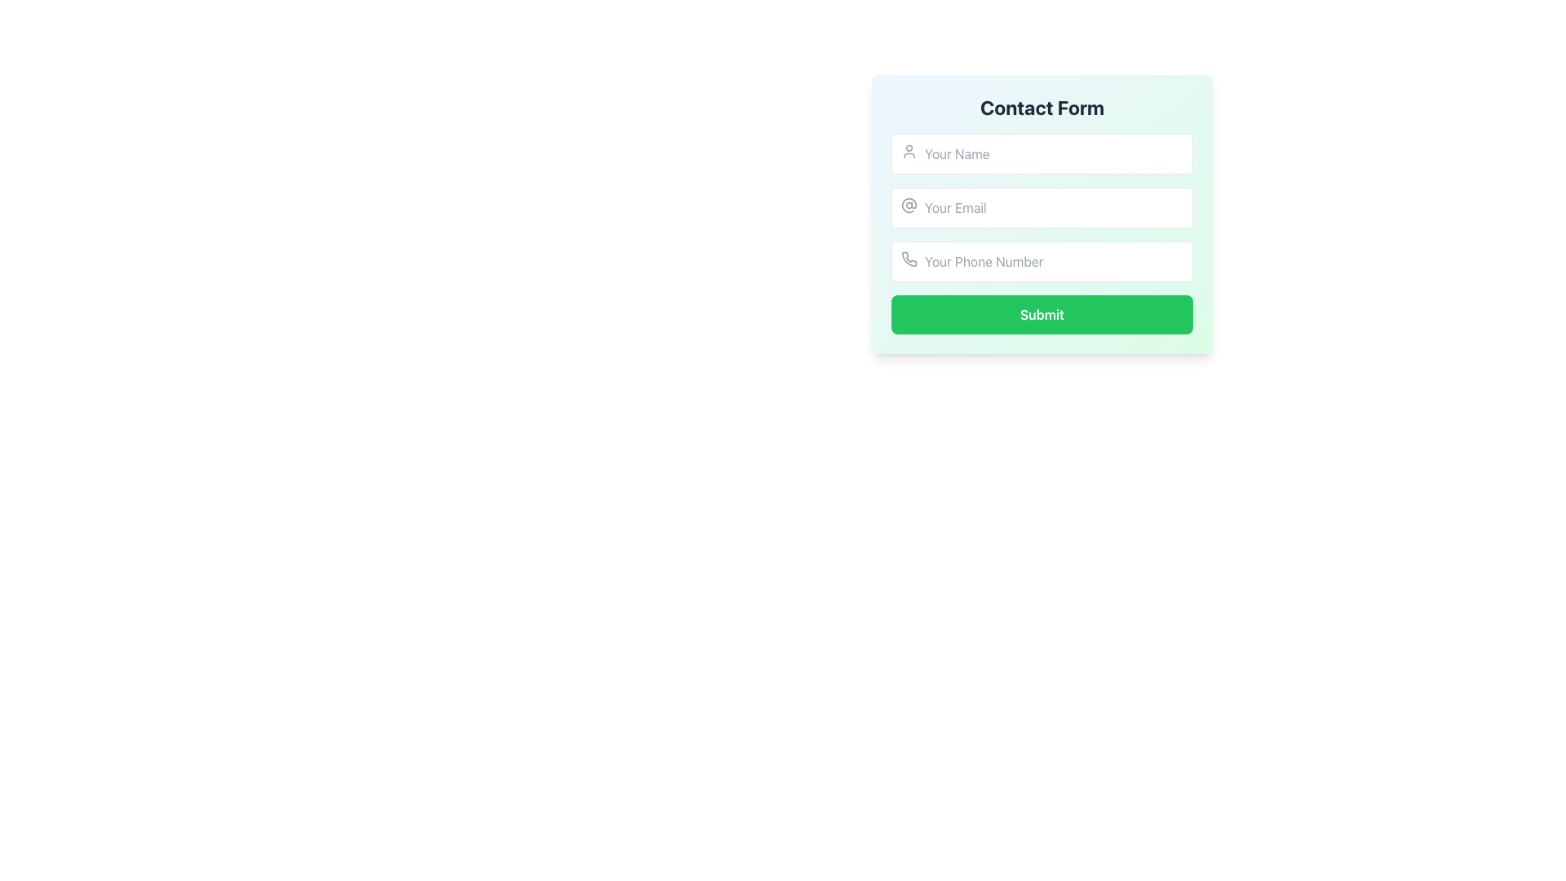 Image resolution: width=1566 pixels, height=881 pixels. What do you see at coordinates (908, 258) in the screenshot?
I see `the phone icon, which is gray and positioned to the left of the 'Your Phone Number' input field in the contact form` at bounding box center [908, 258].